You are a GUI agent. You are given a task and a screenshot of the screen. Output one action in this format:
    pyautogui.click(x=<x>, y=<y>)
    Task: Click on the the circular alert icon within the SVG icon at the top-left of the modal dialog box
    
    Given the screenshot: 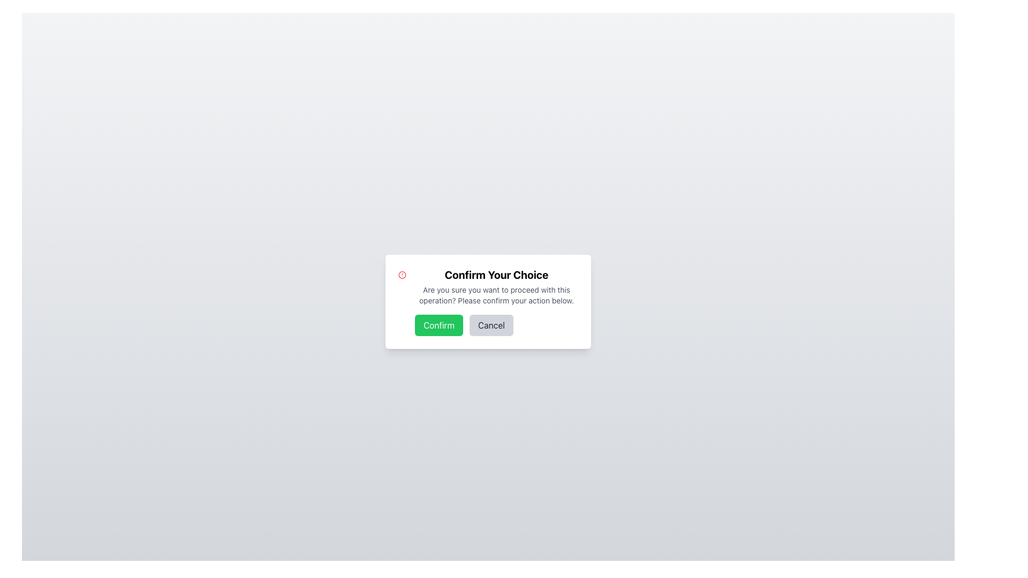 What is the action you would take?
    pyautogui.click(x=402, y=274)
    